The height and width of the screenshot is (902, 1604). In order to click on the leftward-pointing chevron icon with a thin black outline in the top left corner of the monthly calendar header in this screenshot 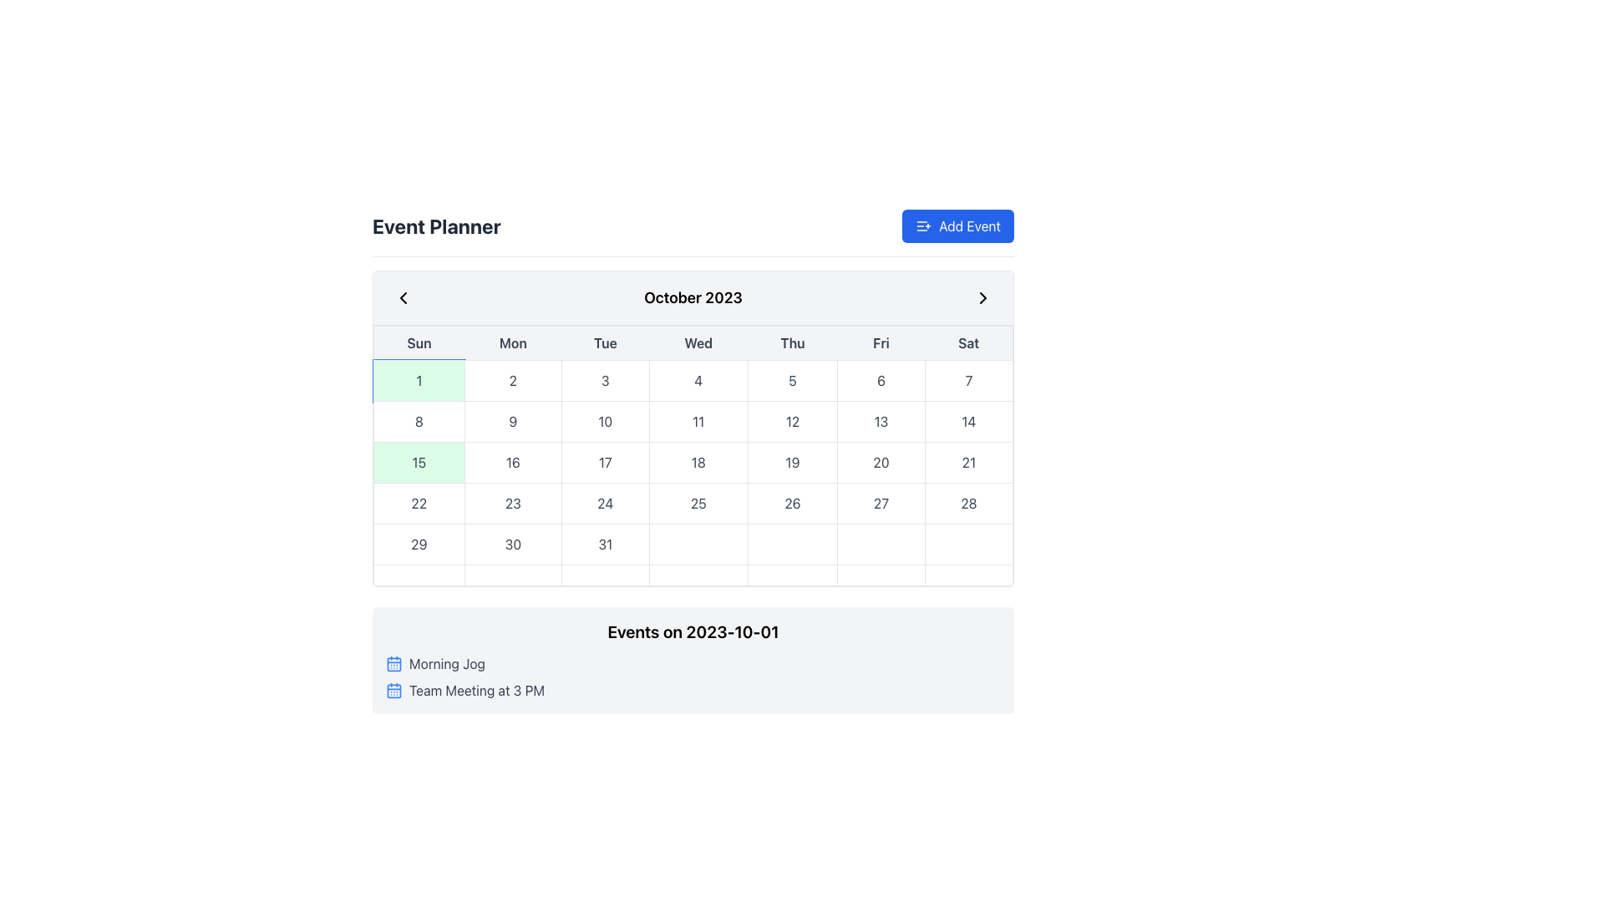, I will do `click(404, 297)`.